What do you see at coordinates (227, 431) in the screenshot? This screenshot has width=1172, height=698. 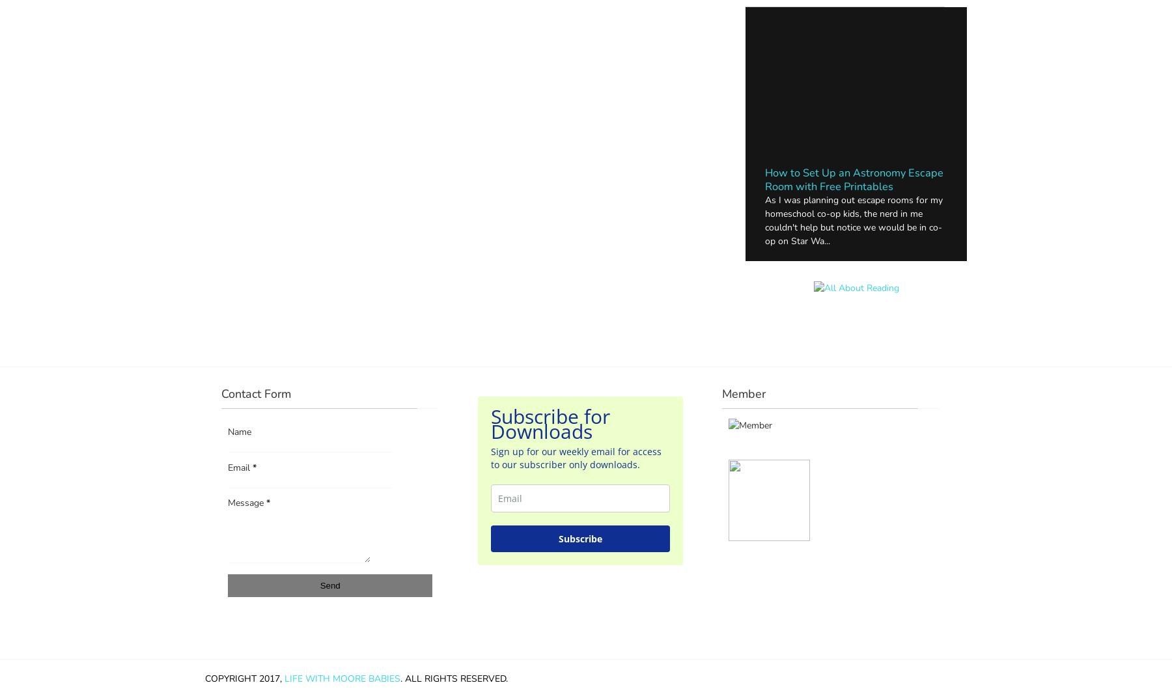 I see `'Name'` at bounding box center [227, 431].